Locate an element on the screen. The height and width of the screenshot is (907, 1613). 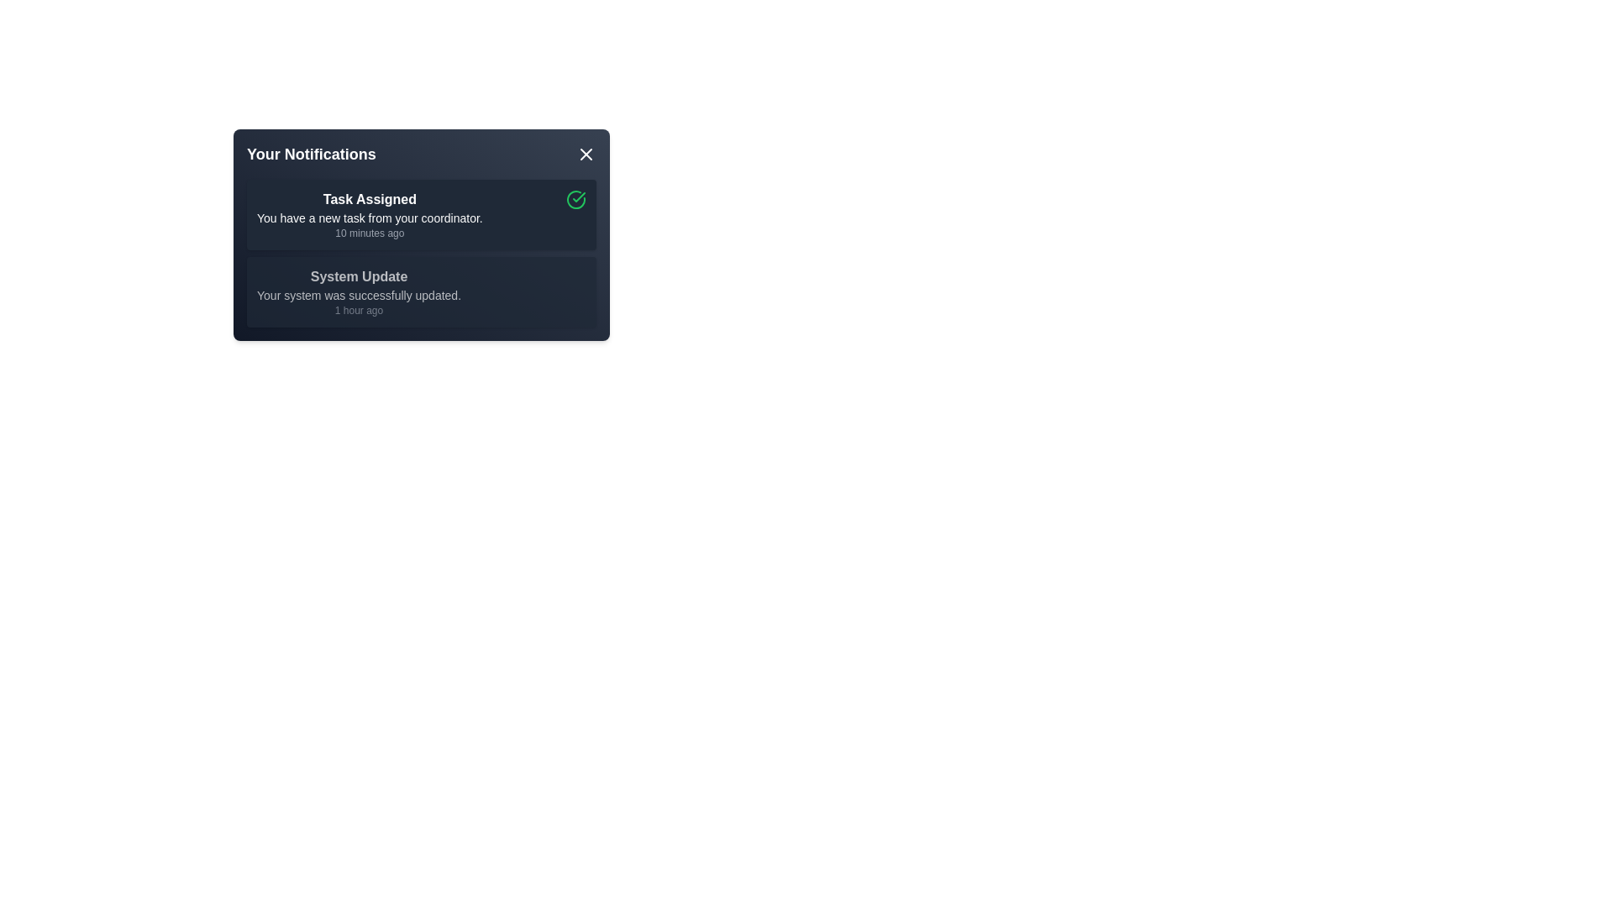
the text label displaying 'Your Notifications' in bold, large white font located at the top-left corner of the notification box is located at coordinates (311, 155).